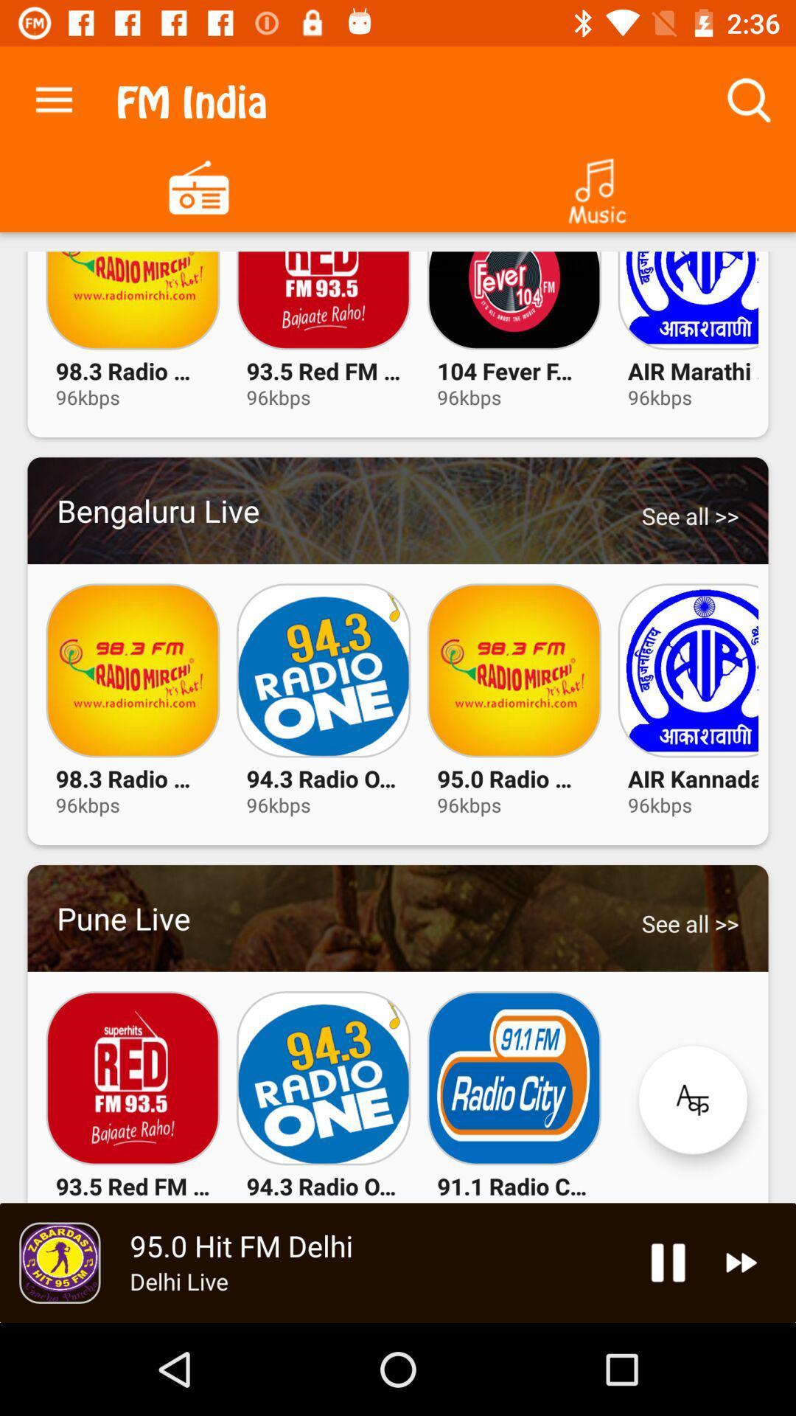 The width and height of the screenshot is (796, 1416). Describe the element at coordinates (693, 1100) in the screenshot. I see `change app language` at that location.